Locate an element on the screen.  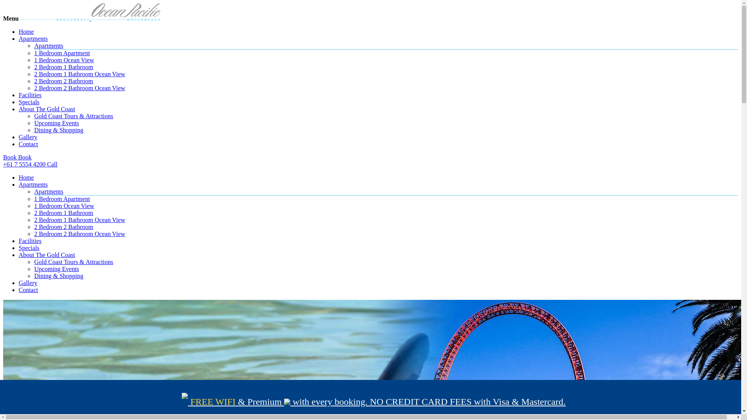
'2 Bedroom 1 Bathroom Ocean View' is located at coordinates (80, 220).